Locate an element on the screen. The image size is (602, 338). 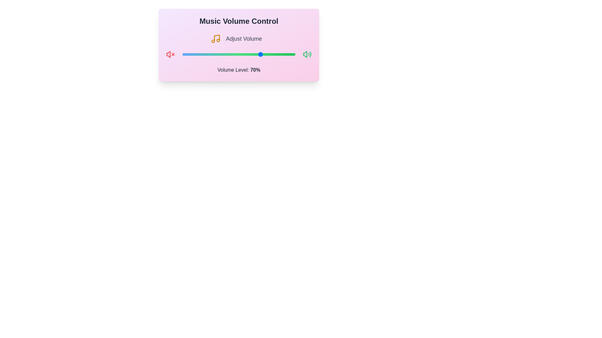
the volume slider to 95% is located at coordinates (289, 54).